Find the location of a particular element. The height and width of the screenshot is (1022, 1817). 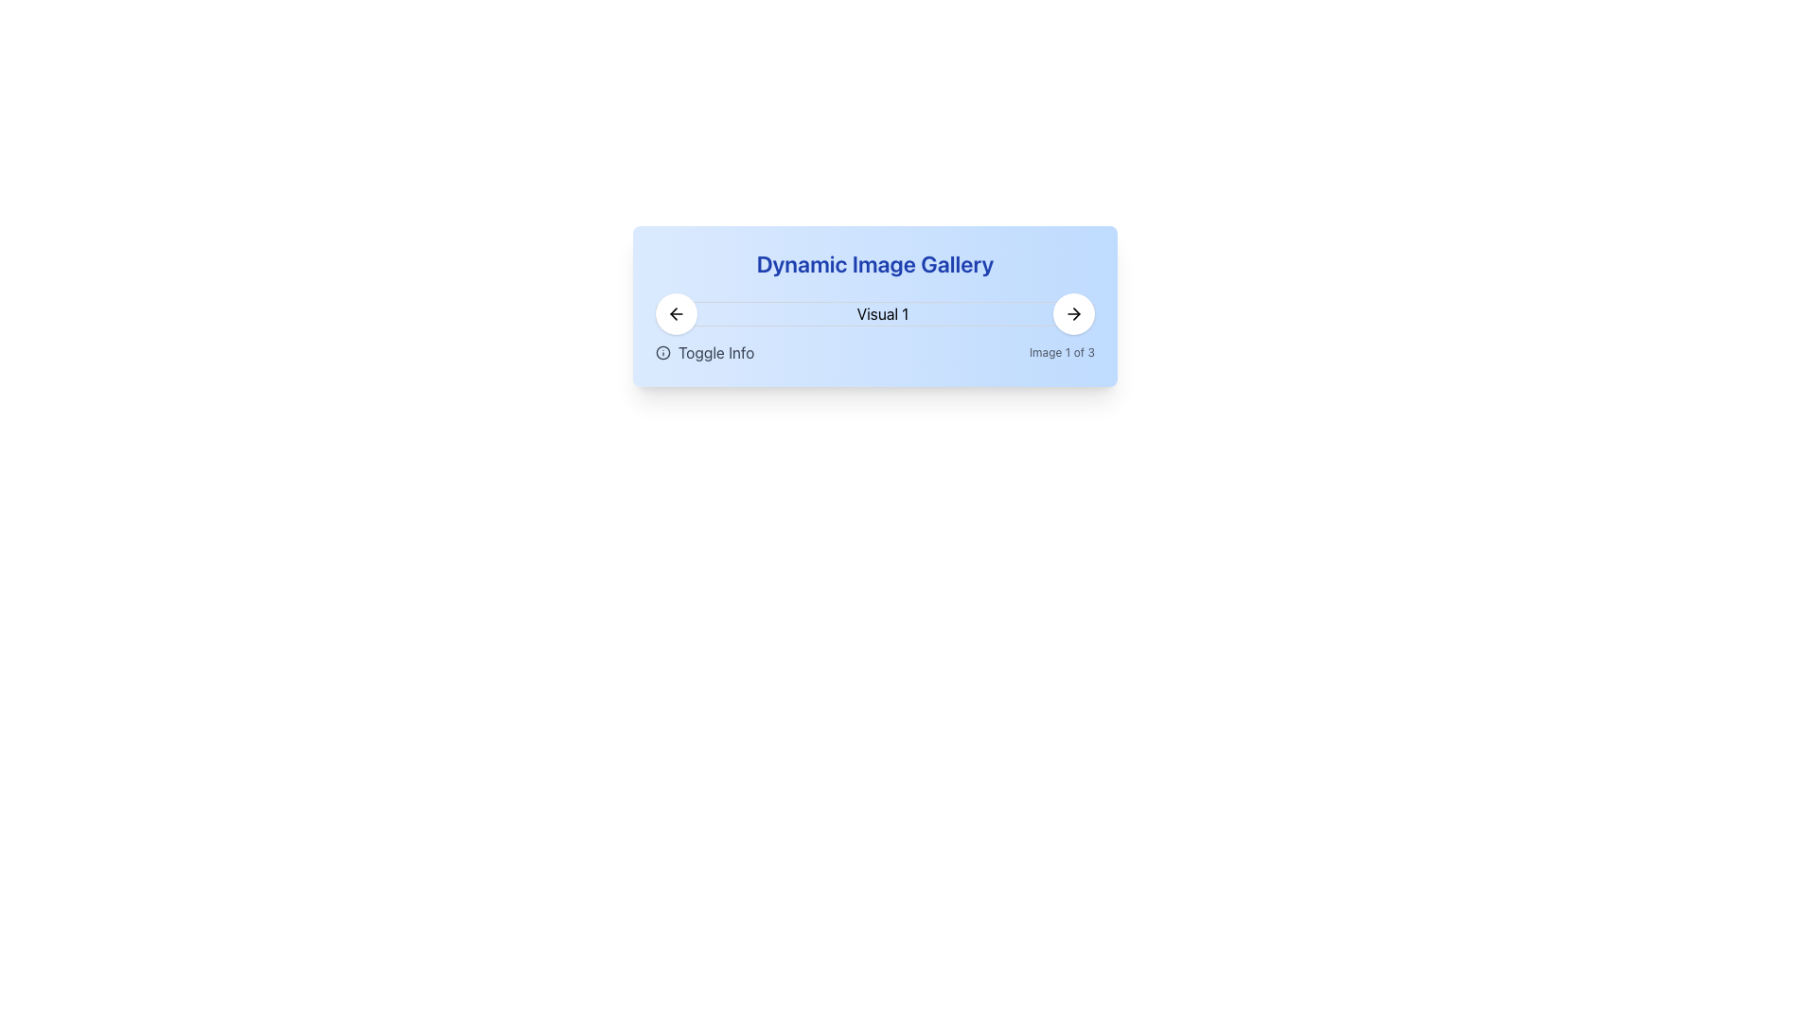

the 'Toggle Info' button, which is styled in gray font and includes a circular 'i' icon is located at coordinates (704, 353).